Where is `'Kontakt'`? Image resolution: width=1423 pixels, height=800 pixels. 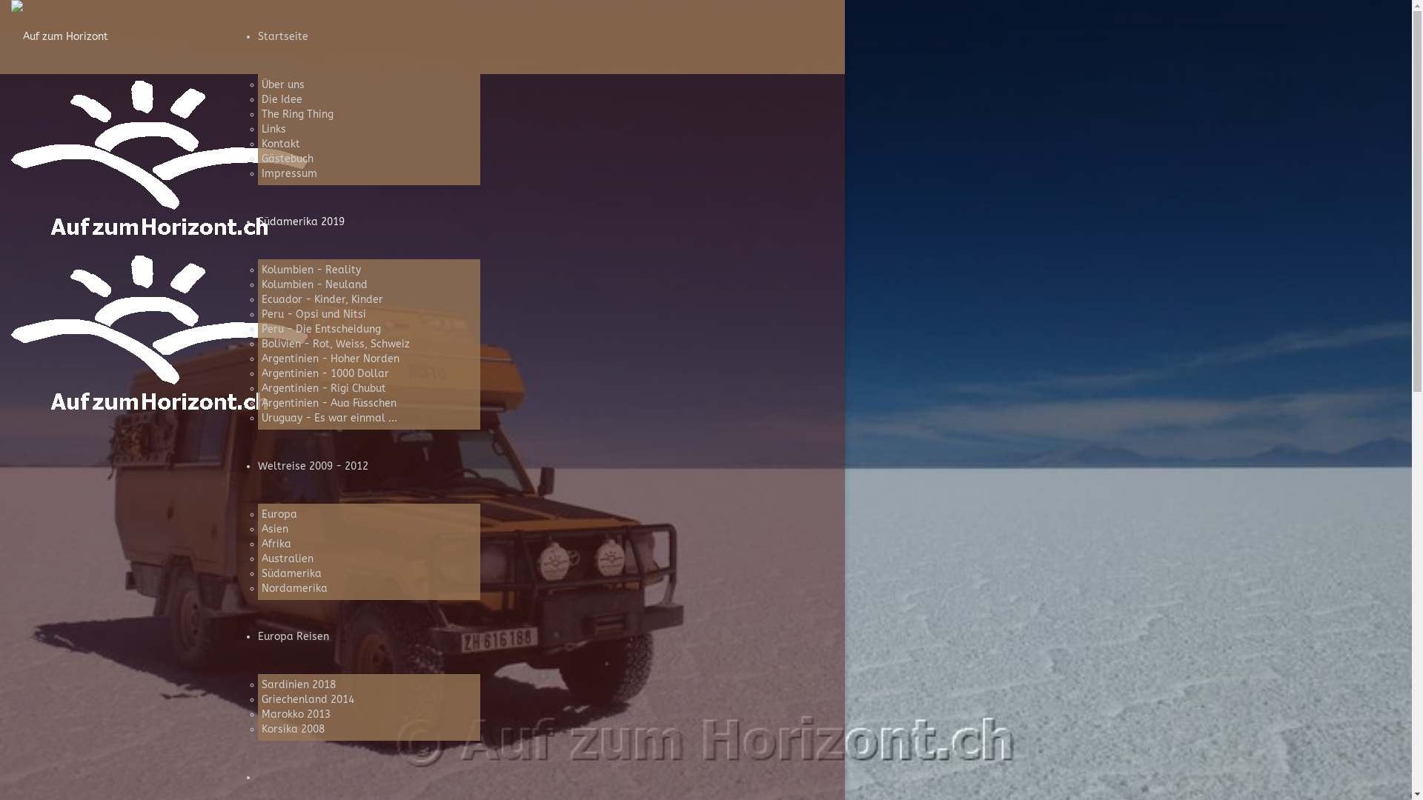
'Kontakt' is located at coordinates (280, 144).